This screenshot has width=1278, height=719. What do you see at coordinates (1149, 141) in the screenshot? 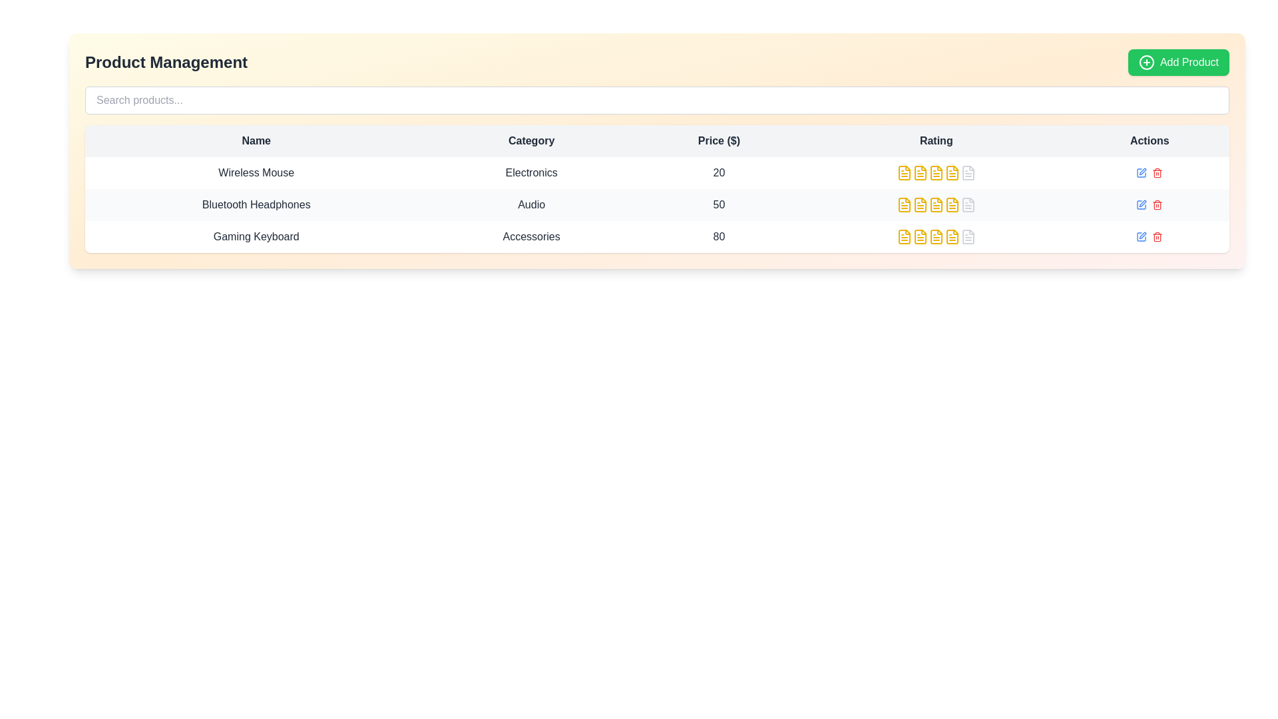
I see `the static text label that serves as the header for the 'Actions' column, which is the fifth header in the table layout` at bounding box center [1149, 141].